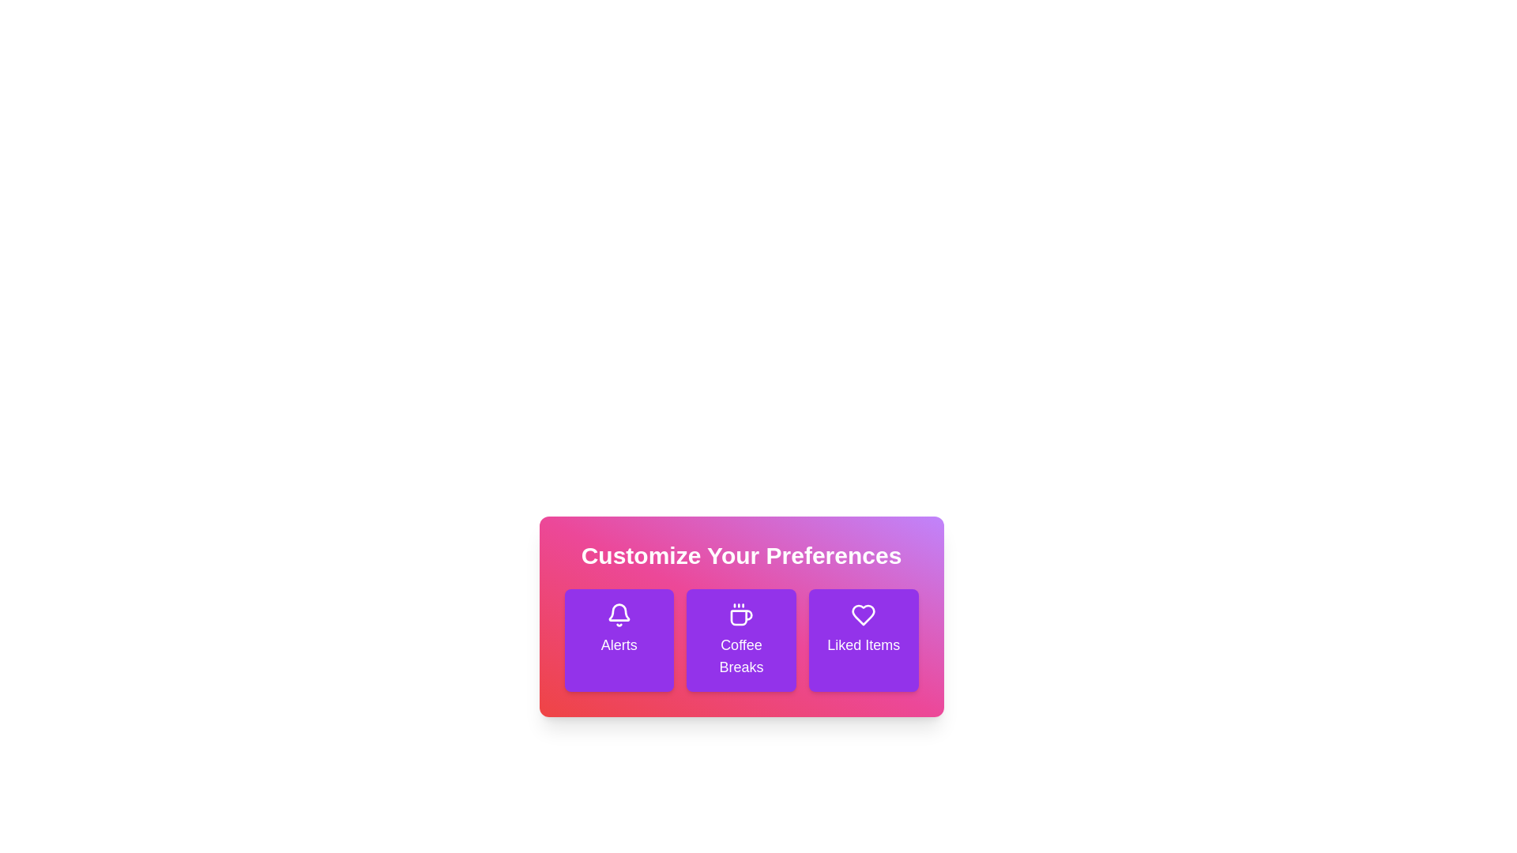  What do you see at coordinates (863, 640) in the screenshot?
I see `the 'Liked Items' button, which is the rightmost button in a horizontal grid of three buttons` at bounding box center [863, 640].